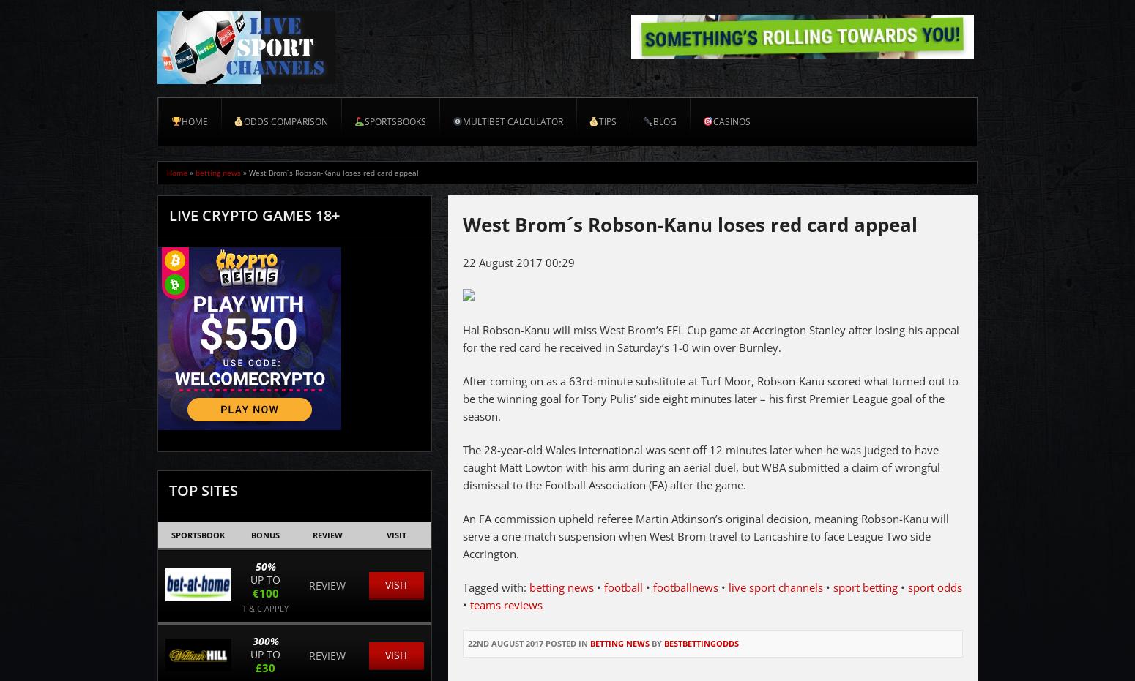 The height and width of the screenshot is (681, 1135). Describe the element at coordinates (505, 603) in the screenshot. I see `'teams reviews'` at that location.